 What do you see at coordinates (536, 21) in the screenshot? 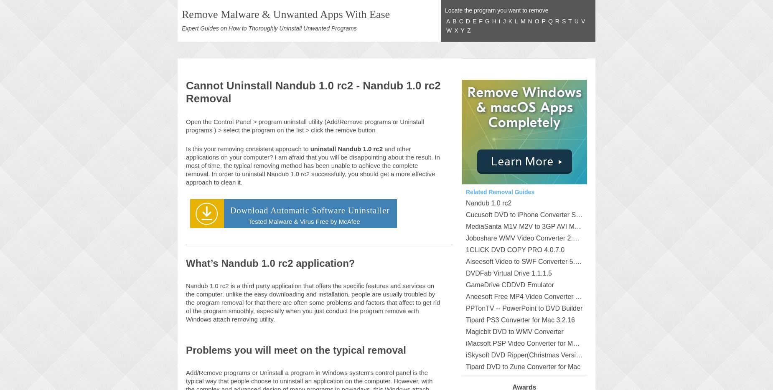
I see `'O'` at bounding box center [536, 21].